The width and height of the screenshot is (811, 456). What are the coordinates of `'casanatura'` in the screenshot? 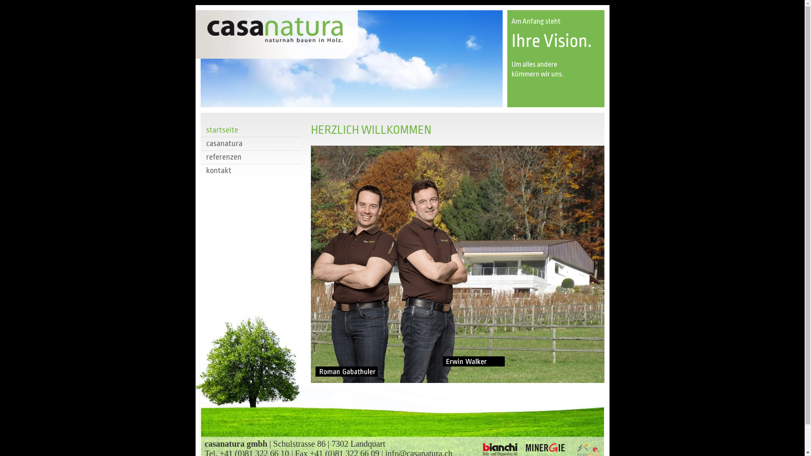 It's located at (200, 143).